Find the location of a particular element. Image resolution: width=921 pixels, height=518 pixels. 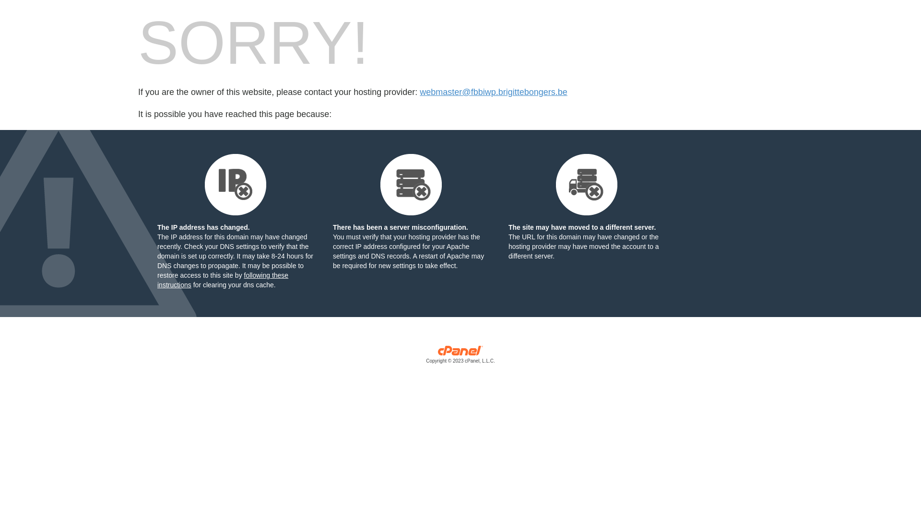

'webmaster@fbbiwp.brigittebongers.be' is located at coordinates (493, 92).